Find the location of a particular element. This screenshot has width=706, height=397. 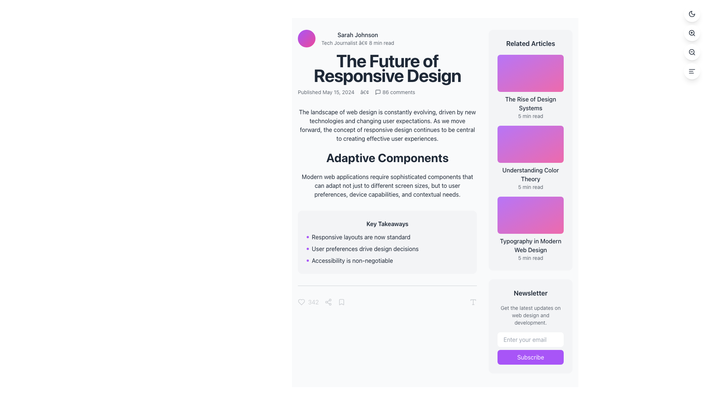

the central circle of the magnifying glass icon, which is the second button from the top in the vertical button group located near the bottom right of the main interface is located at coordinates (691, 51).